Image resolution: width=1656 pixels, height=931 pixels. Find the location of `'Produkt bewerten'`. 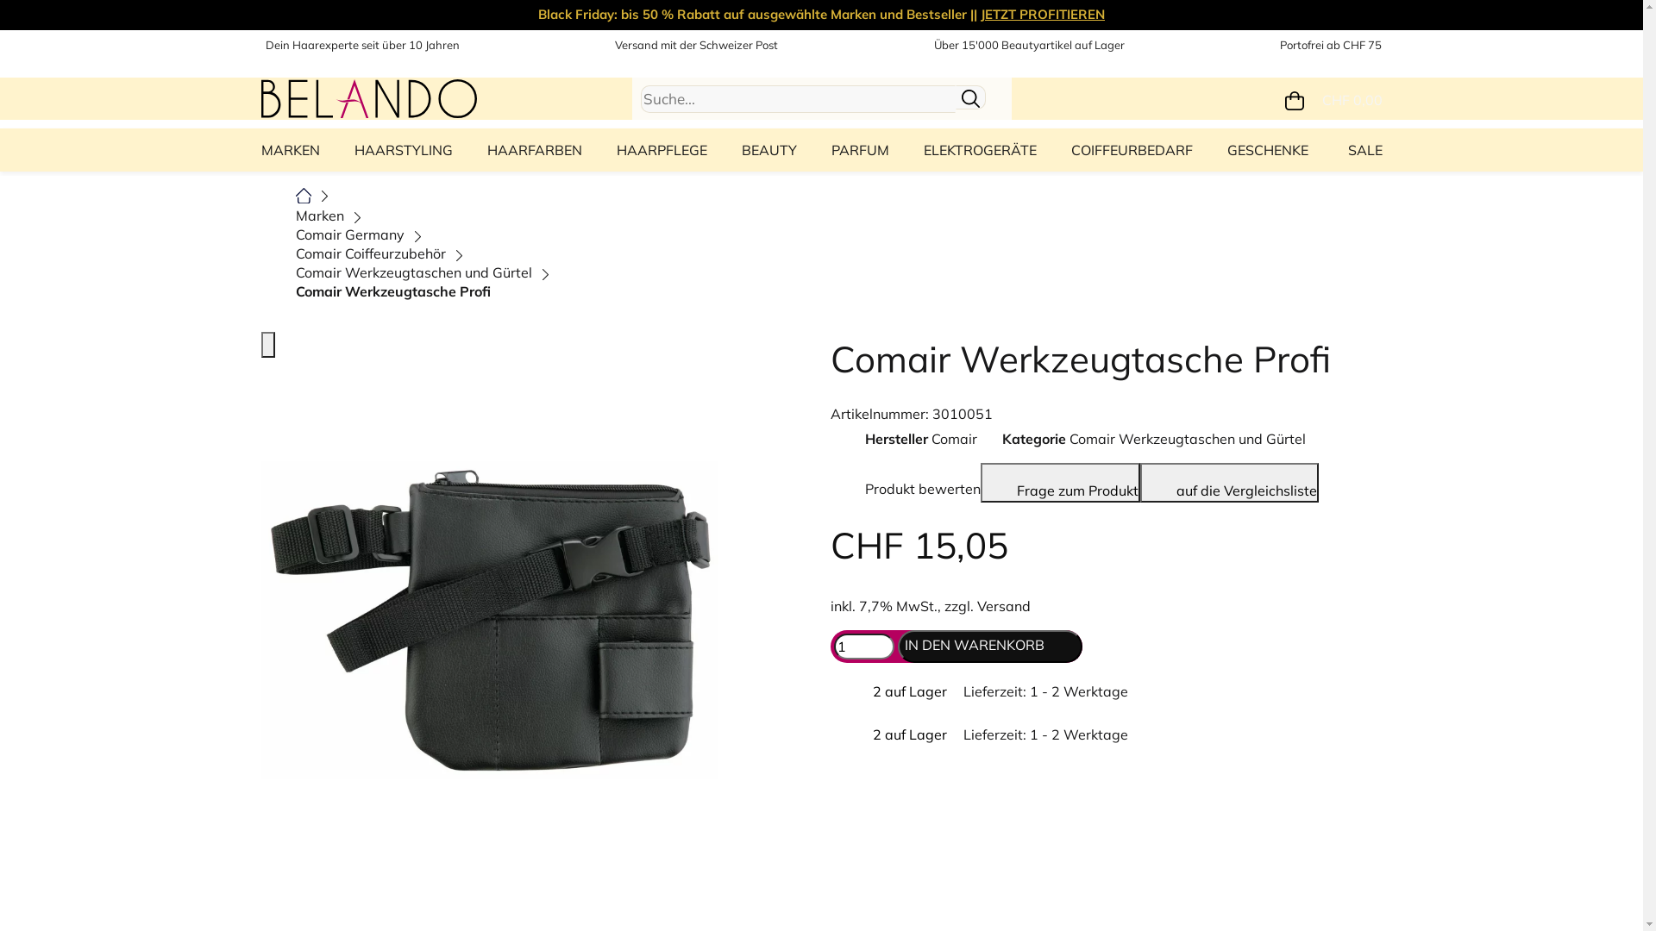

'Produkt bewerten' is located at coordinates (904, 482).